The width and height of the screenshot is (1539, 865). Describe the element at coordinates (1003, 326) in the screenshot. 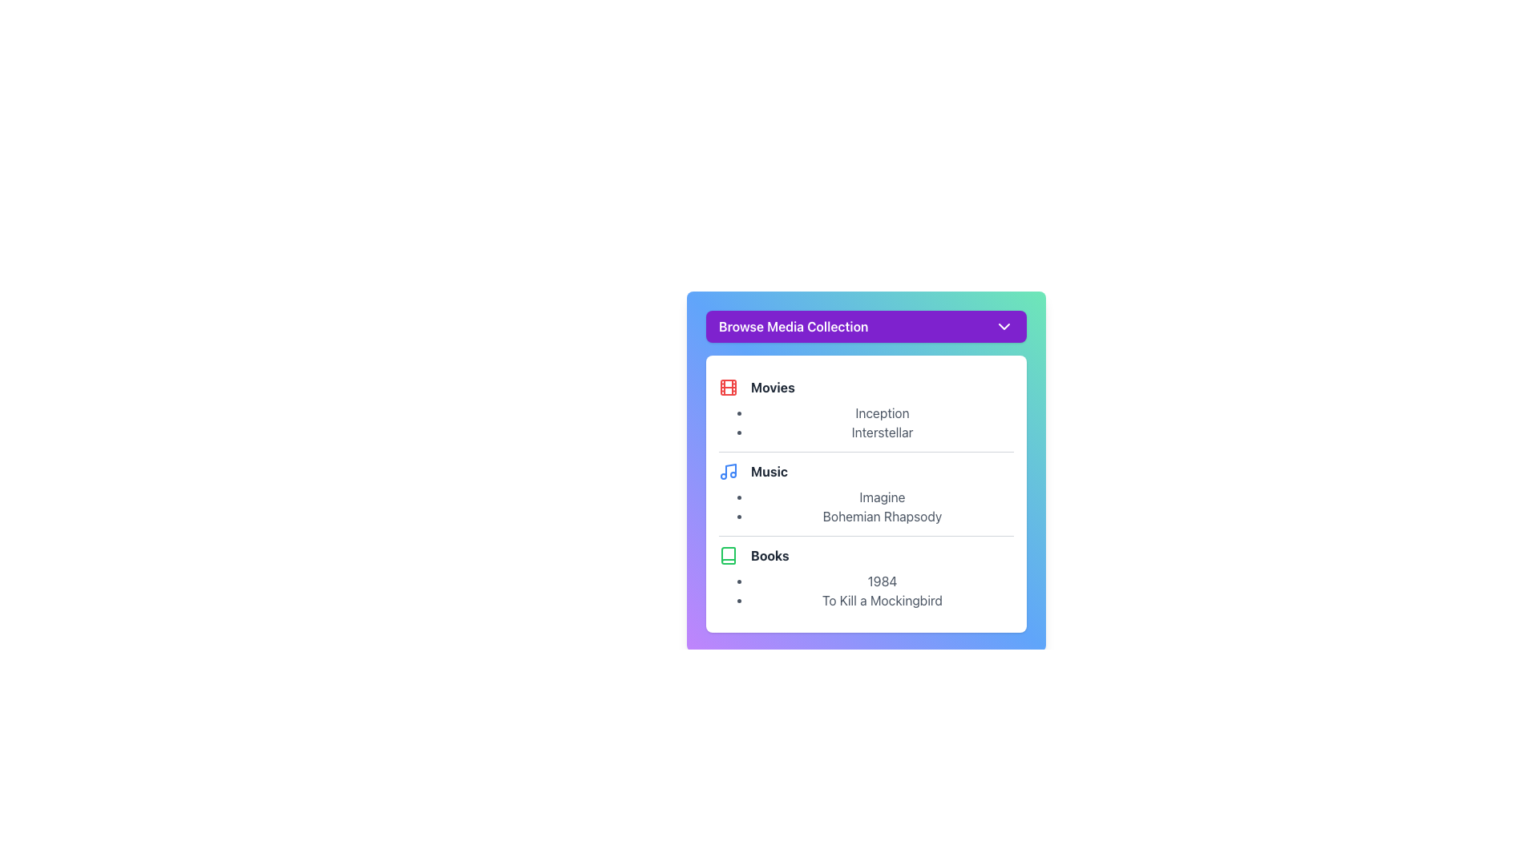

I see `the chevron icon button at the top-right corner of the 'Browse Media Collection' section` at that location.